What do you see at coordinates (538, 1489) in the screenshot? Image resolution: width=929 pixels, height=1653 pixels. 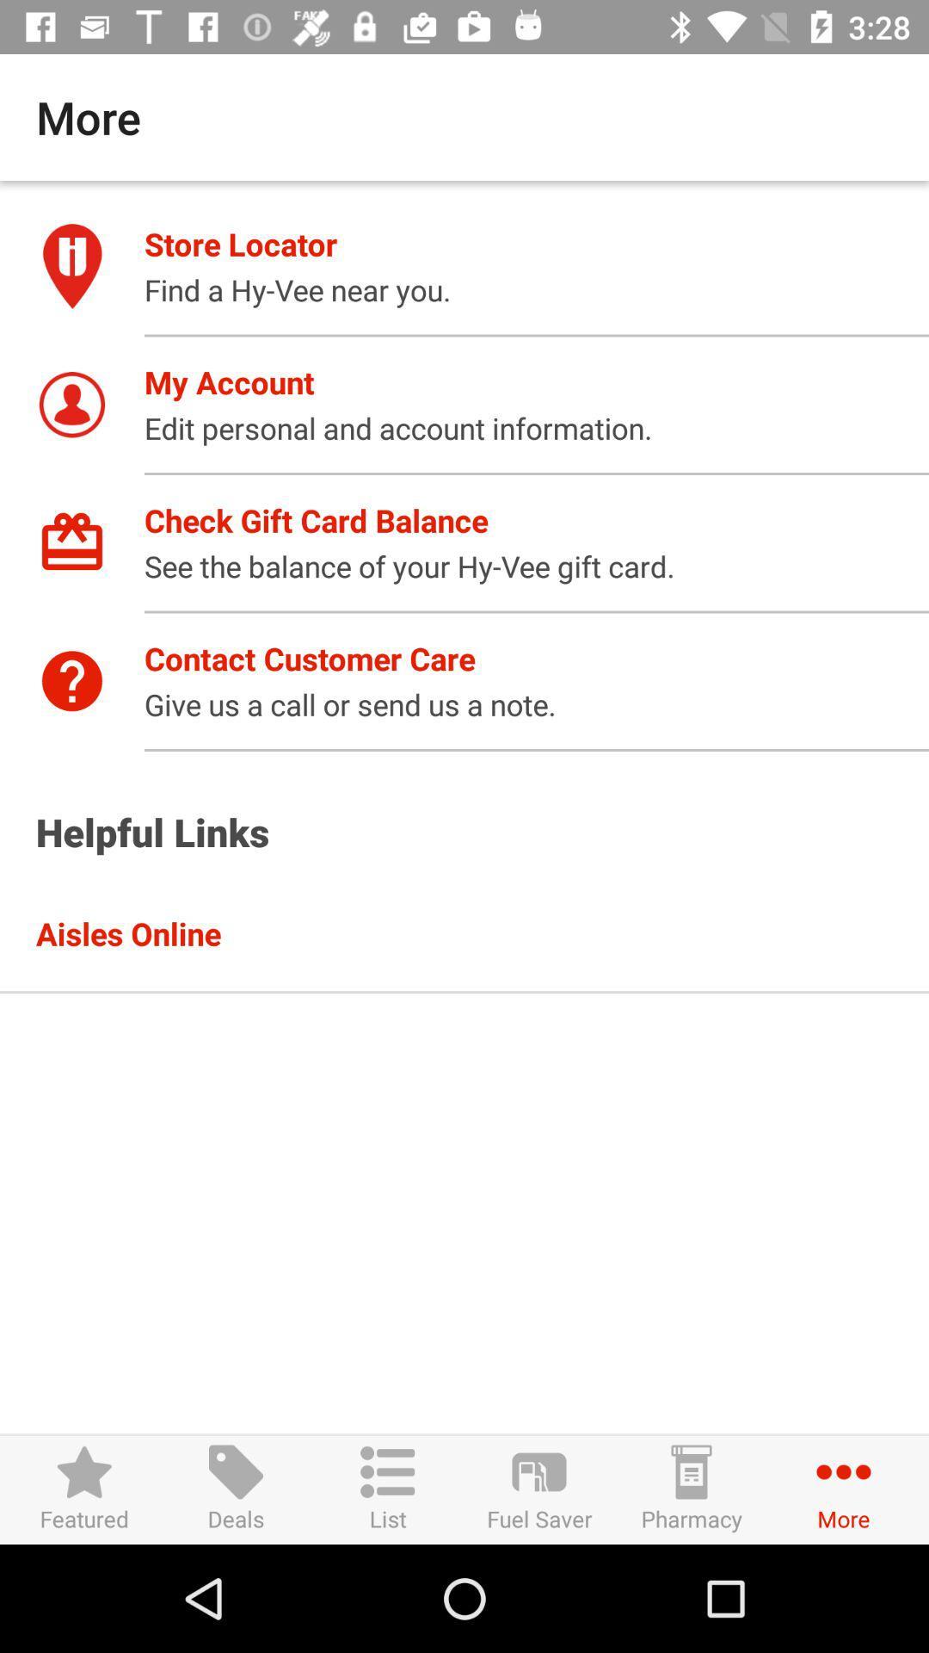 I see `icon next to pharmacy` at bounding box center [538, 1489].